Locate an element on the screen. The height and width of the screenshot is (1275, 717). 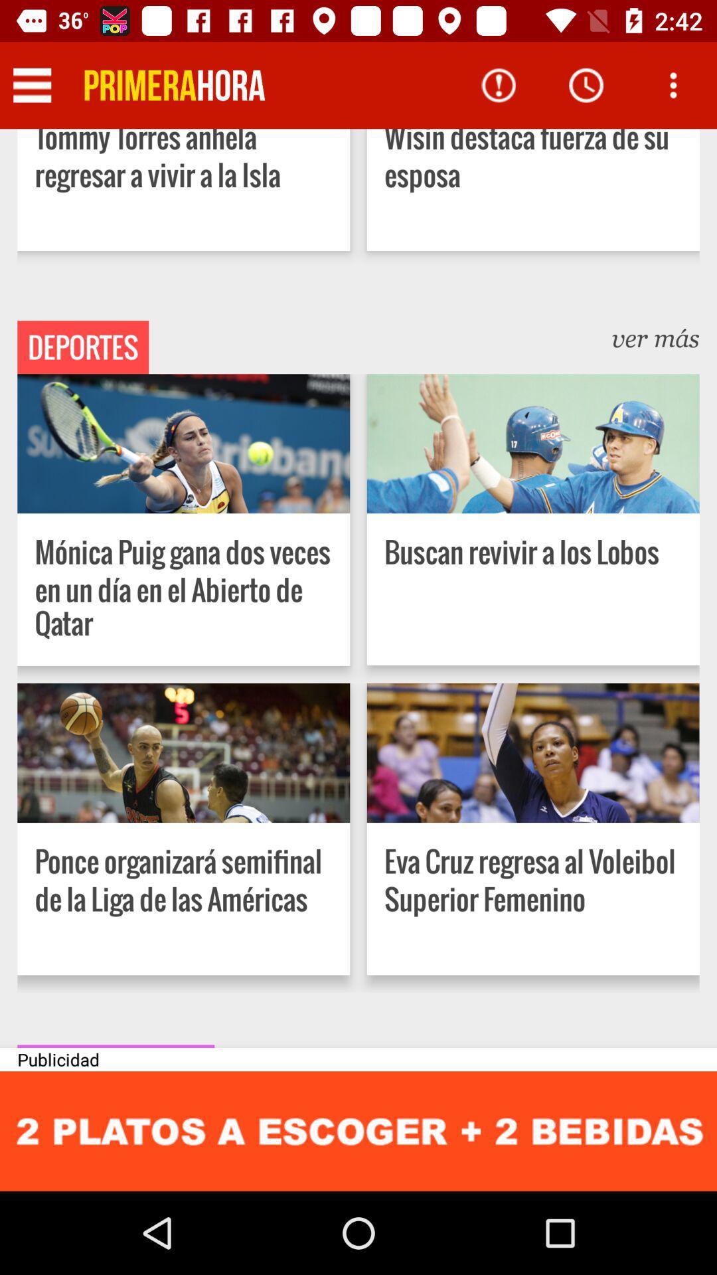
app below tommy torres anhela app is located at coordinates (83, 347).